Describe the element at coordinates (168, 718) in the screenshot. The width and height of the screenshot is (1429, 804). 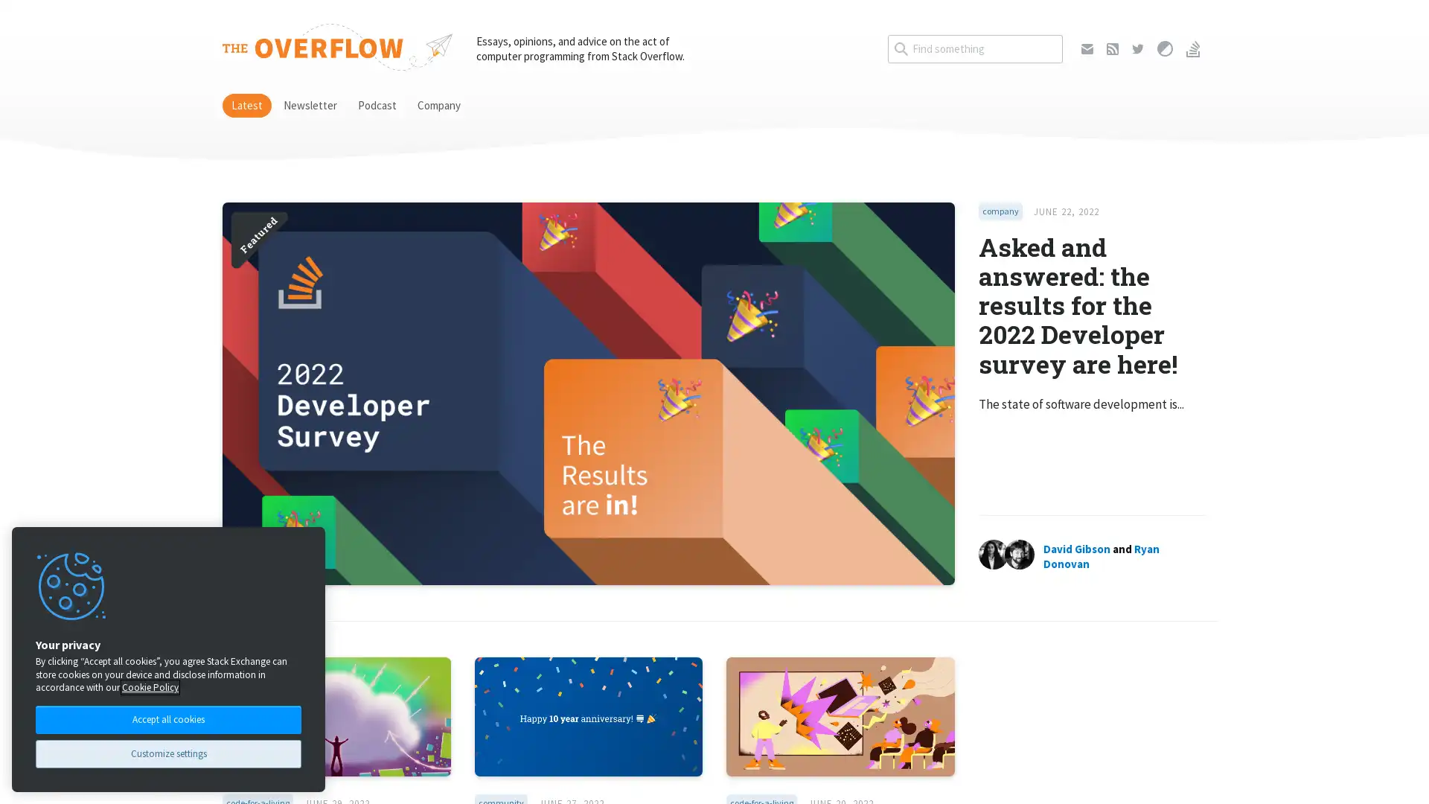
I see `Accept all cookies` at that location.